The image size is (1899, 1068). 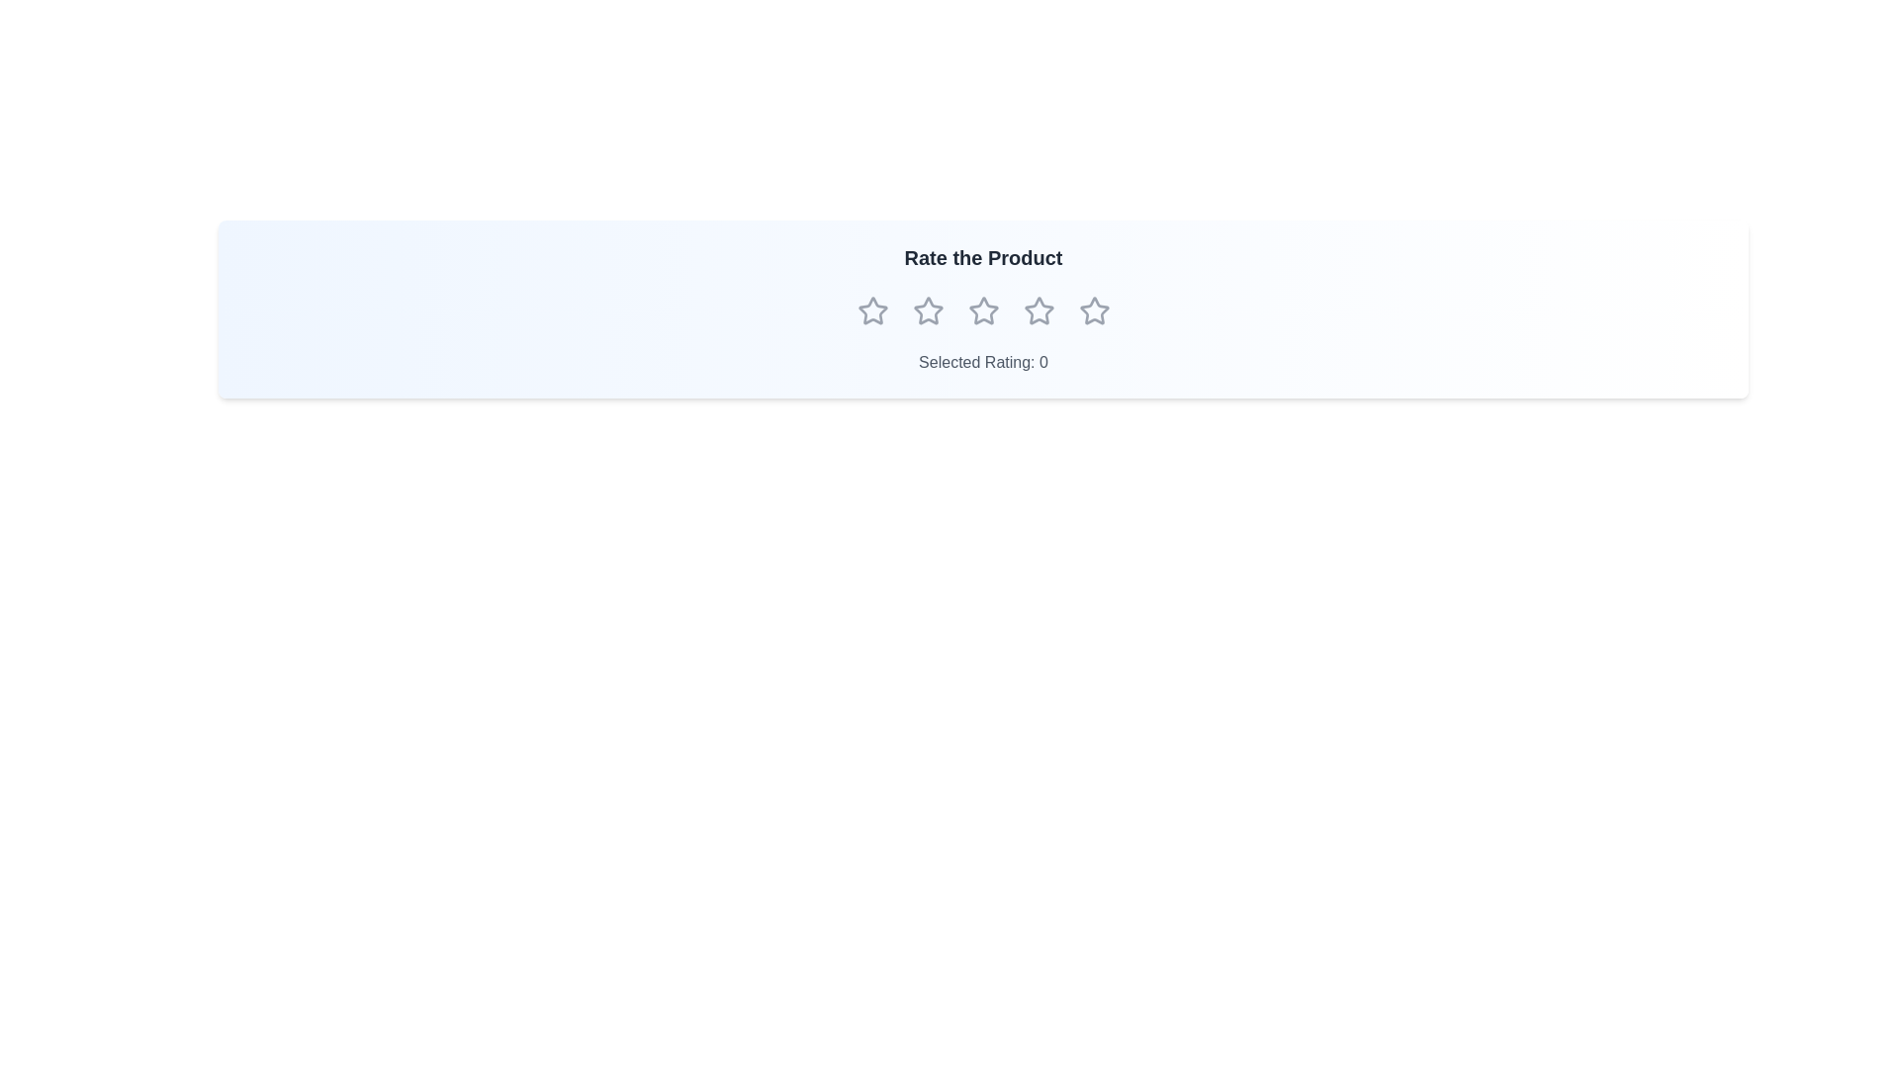 What do you see at coordinates (983, 257) in the screenshot?
I see `the title text that instructs the user to rate a product, which is positioned at the top of the rating section and above the star rating icons` at bounding box center [983, 257].